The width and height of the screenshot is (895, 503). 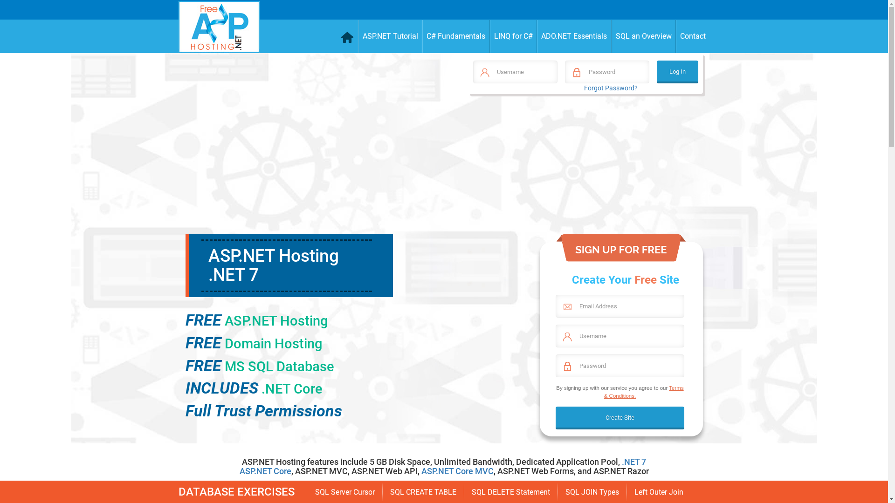 I want to click on 'Log In', so click(x=656, y=71).